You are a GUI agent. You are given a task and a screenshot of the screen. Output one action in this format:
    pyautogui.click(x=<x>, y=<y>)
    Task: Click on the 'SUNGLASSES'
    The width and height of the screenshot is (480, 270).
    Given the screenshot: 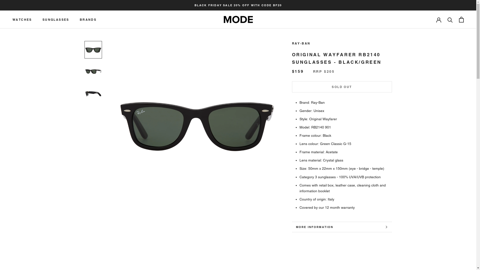 What is the action you would take?
    pyautogui.click(x=56, y=19)
    